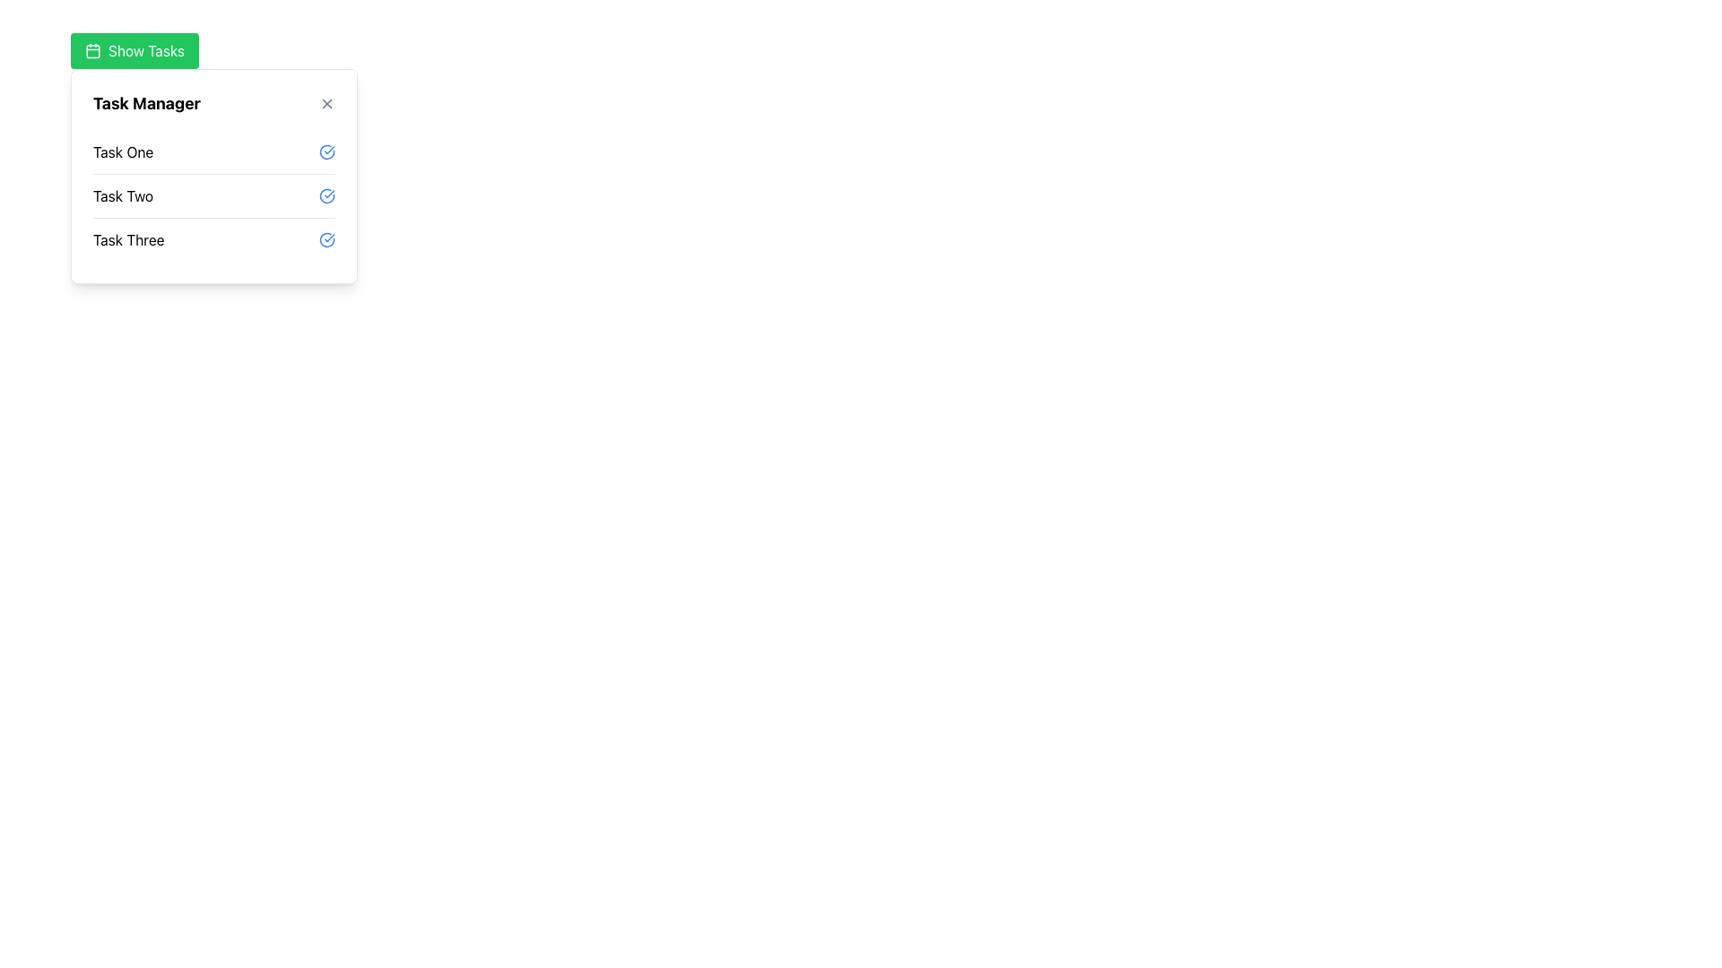 The height and width of the screenshot is (968, 1722). Describe the element at coordinates (92, 50) in the screenshot. I see `the calendar icon that represents the 'Show Tasks' button, located at the top-left corner of the interface` at that location.